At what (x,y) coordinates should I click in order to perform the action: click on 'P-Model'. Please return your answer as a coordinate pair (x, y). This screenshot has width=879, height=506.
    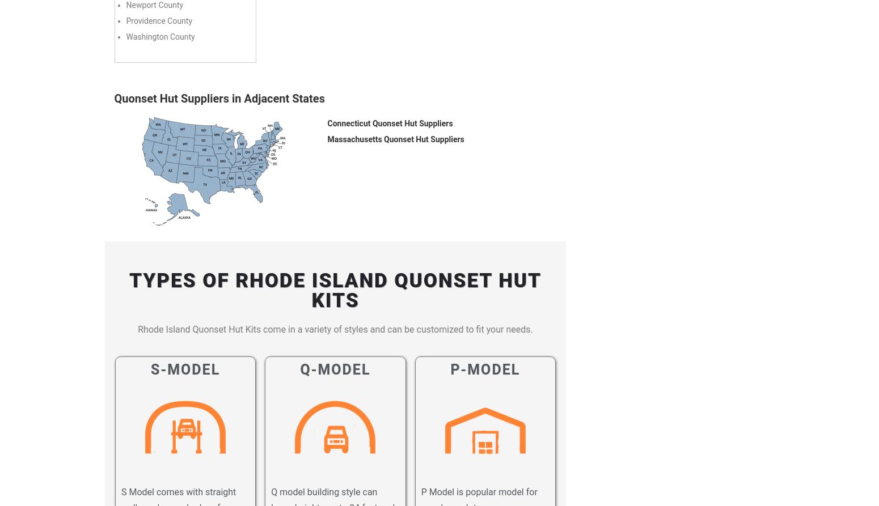
    Looking at the image, I should click on (485, 369).